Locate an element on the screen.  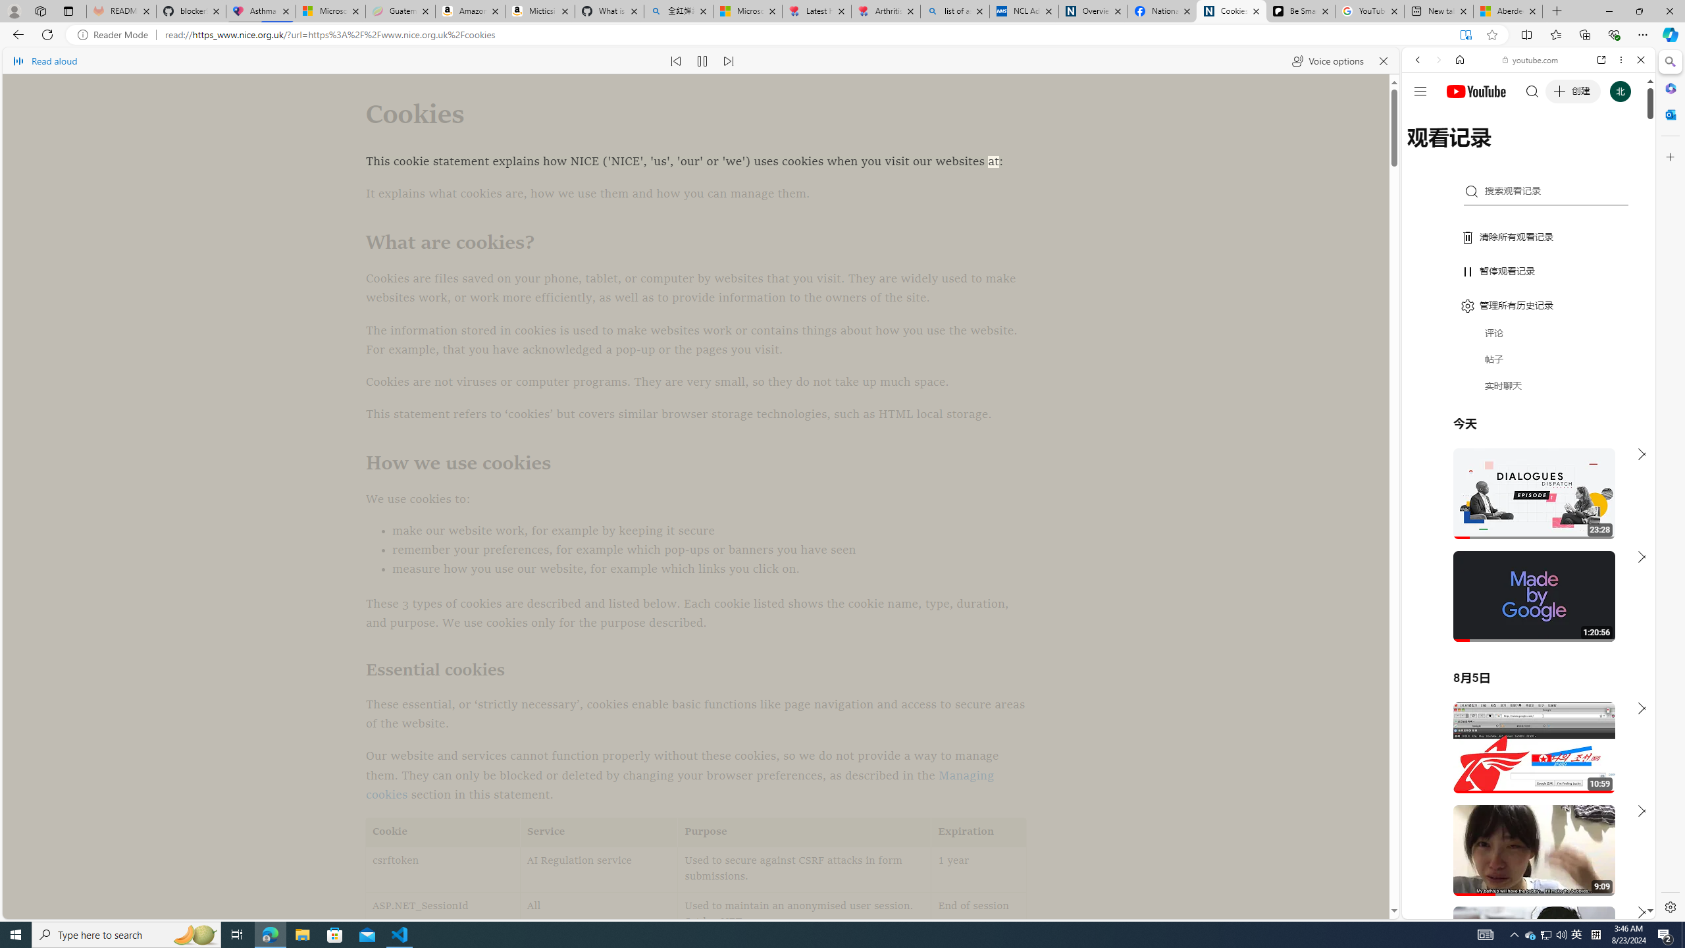
'Reader Mode' is located at coordinates (115, 35).